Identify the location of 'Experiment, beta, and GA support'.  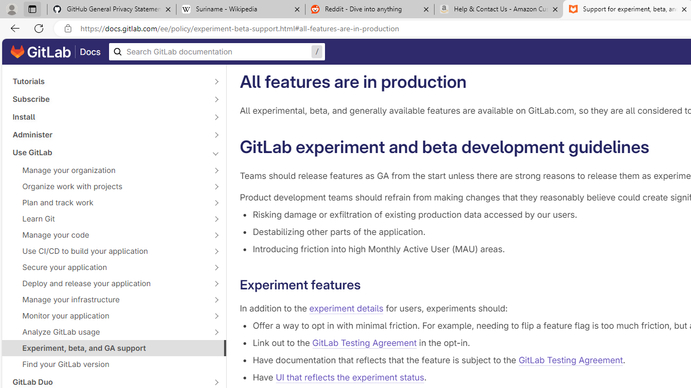
(114, 348).